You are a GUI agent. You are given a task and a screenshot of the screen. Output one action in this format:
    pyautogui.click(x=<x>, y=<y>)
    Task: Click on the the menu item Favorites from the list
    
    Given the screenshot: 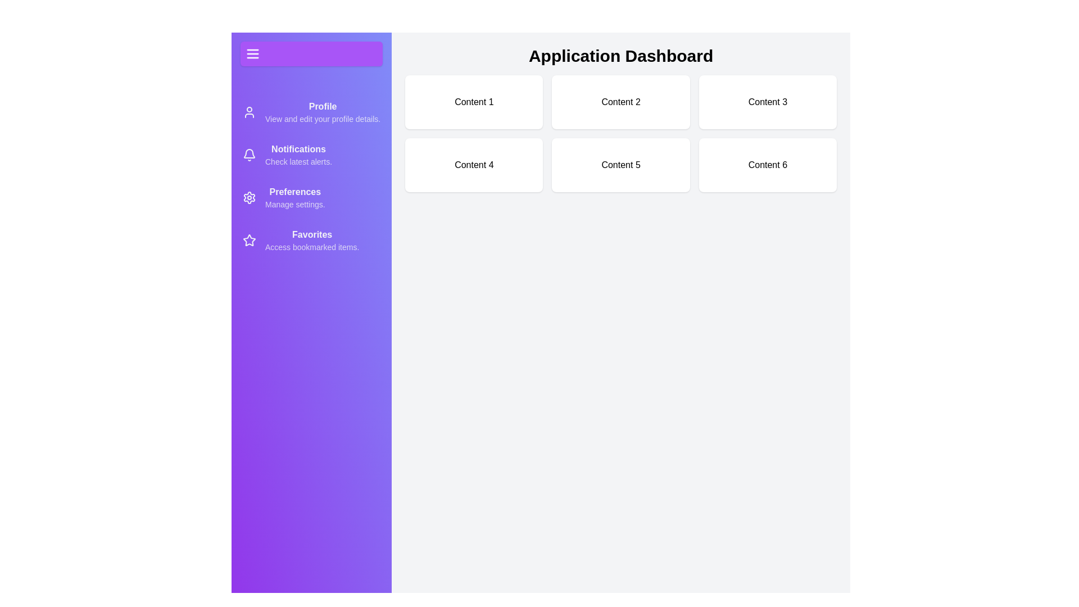 What is the action you would take?
    pyautogui.click(x=311, y=240)
    